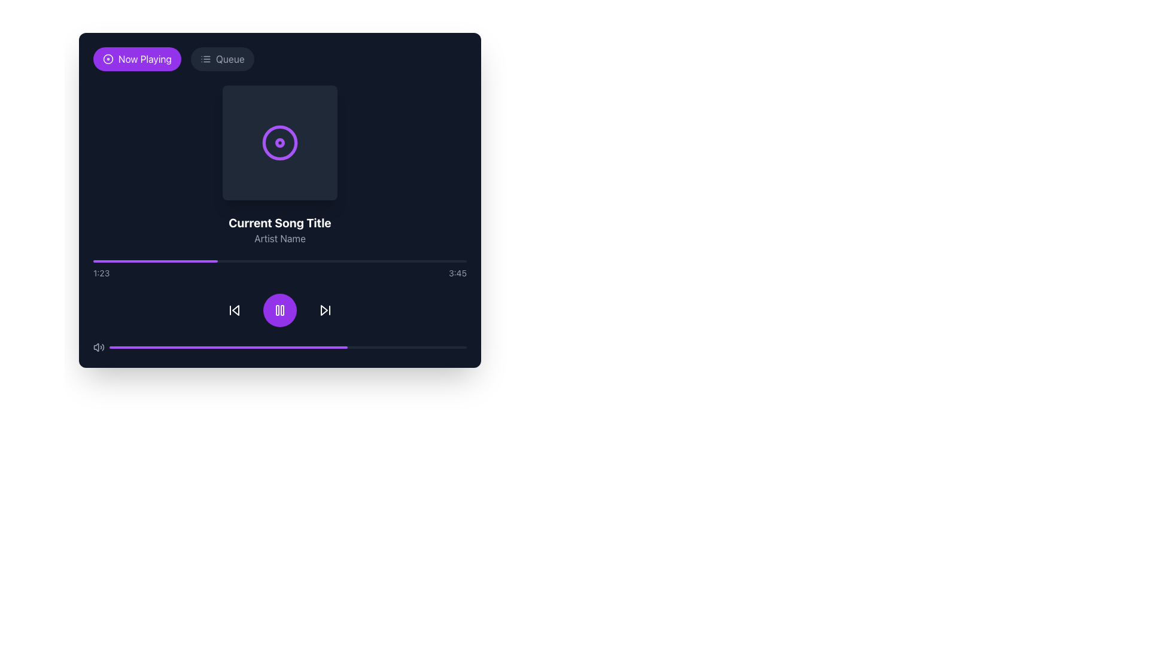 The height and width of the screenshot is (646, 1149). I want to click on the leftmost speaker icon in the bottom section of the interface, so click(99, 348).